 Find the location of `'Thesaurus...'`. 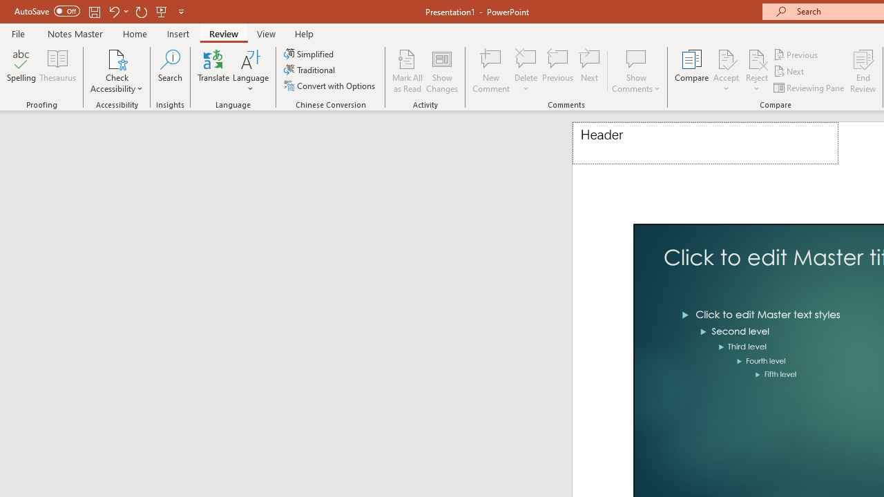

'Thesaurus...' is located at coordinates (57, 71).